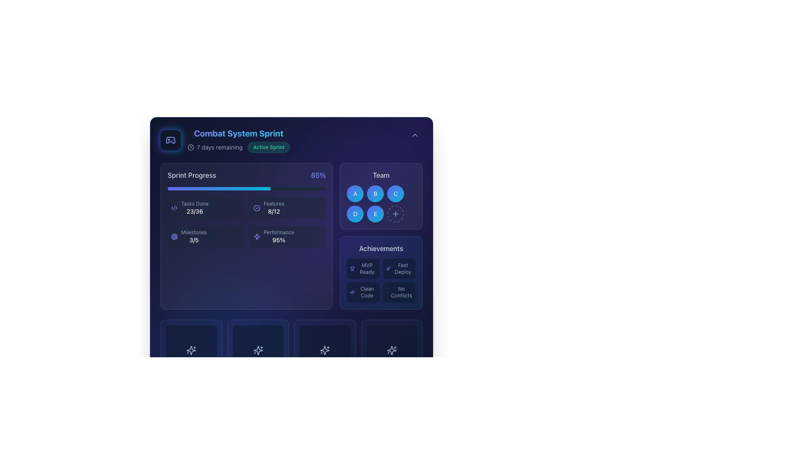 The image size is (809, 455). Describe the element at coordinates (194, 208) in the screenshot. I see `the text display that shows the progress of tasks in the 'Sprint Progress' module, located in the top-left card of the grid` at that location.